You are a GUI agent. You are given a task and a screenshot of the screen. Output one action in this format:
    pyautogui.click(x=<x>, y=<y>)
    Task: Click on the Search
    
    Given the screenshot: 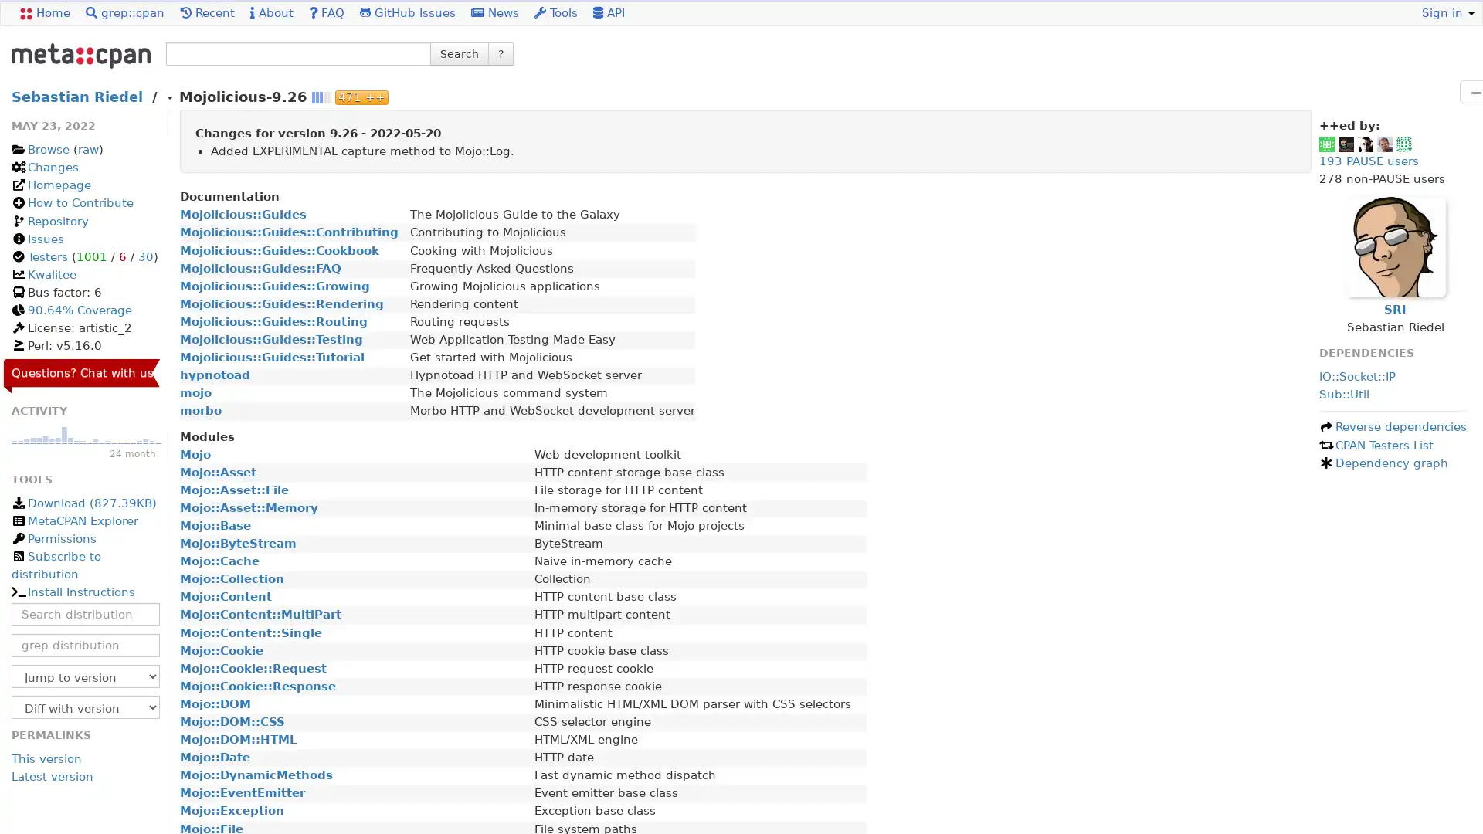 What is the action you would take?
    pyautogui.click(x=459, y=53)
    